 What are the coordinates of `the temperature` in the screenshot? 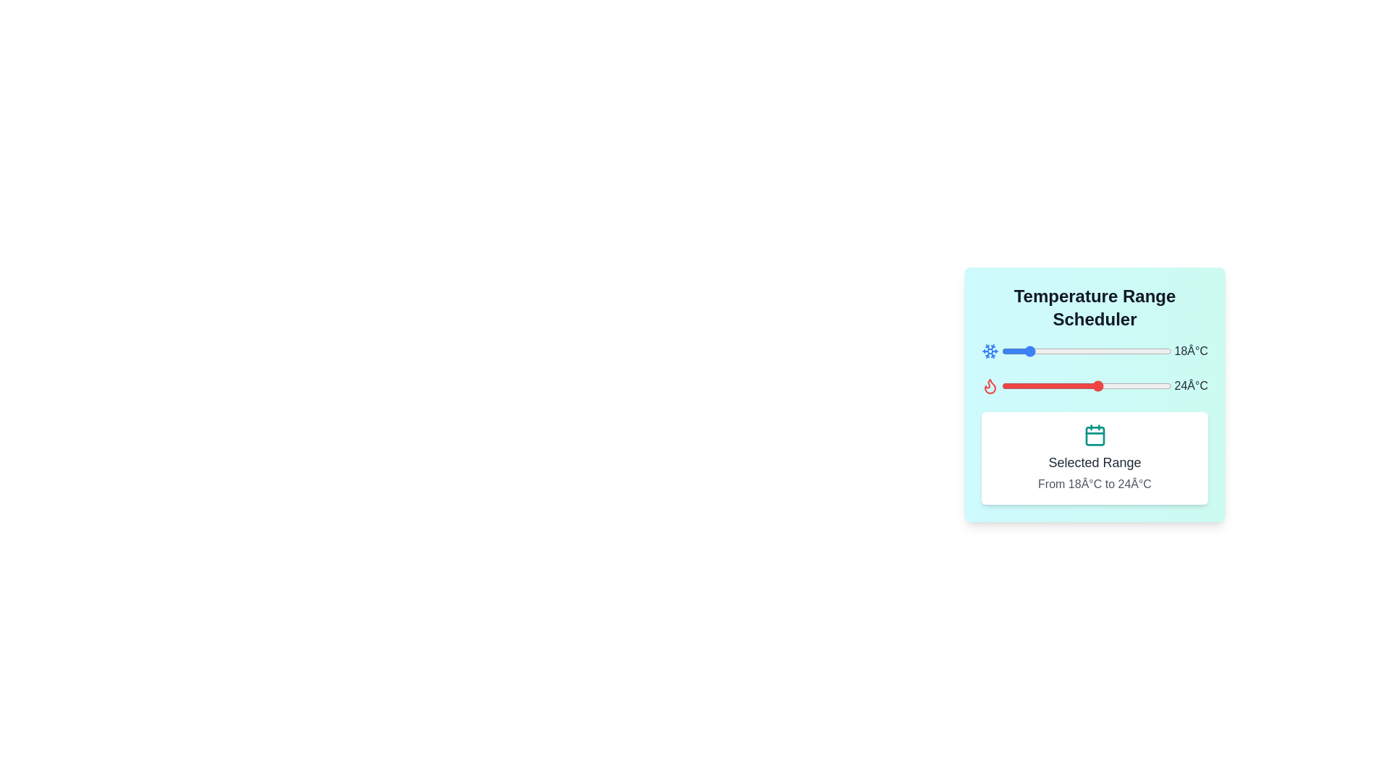 It's located at (1074, 385).